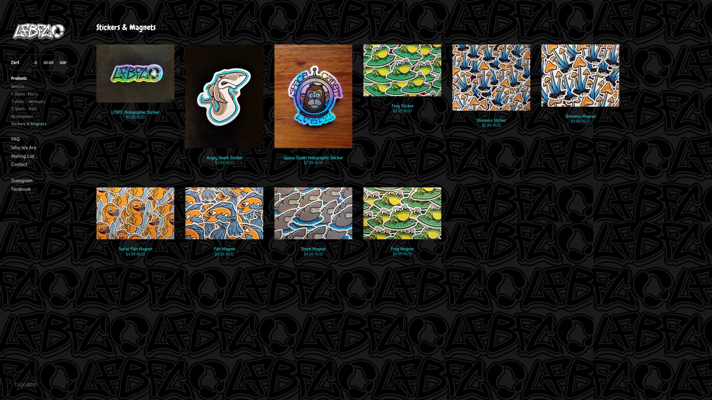 This screenshot has height=400, width=712. What do you see at coordinates (38, 164) in the screenshot?
I see `'Contact'` at bounding box center [38, 164].